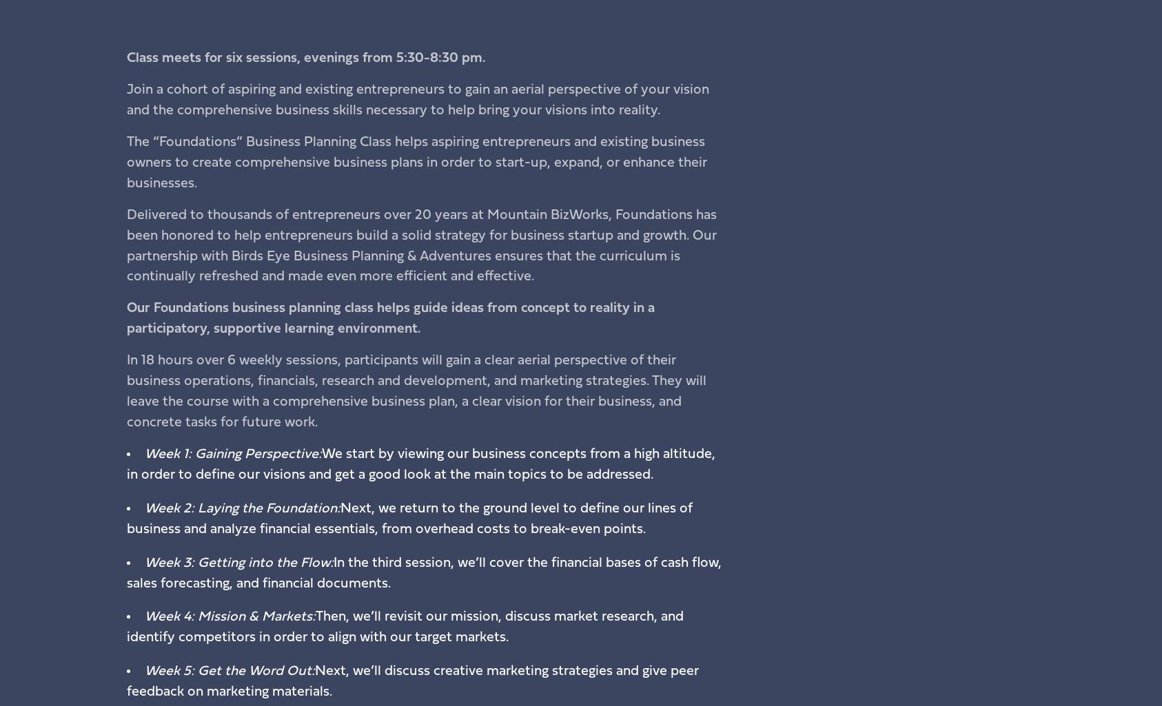 This screenshot has width=1162, height=706. What do you see at coordinates (422, 572) in the screenshot?
I see `'In the third session, we’ll cover the financial bases of cash flow, sales forecasting, and financial documents.'` at bounding box center [422, 572].